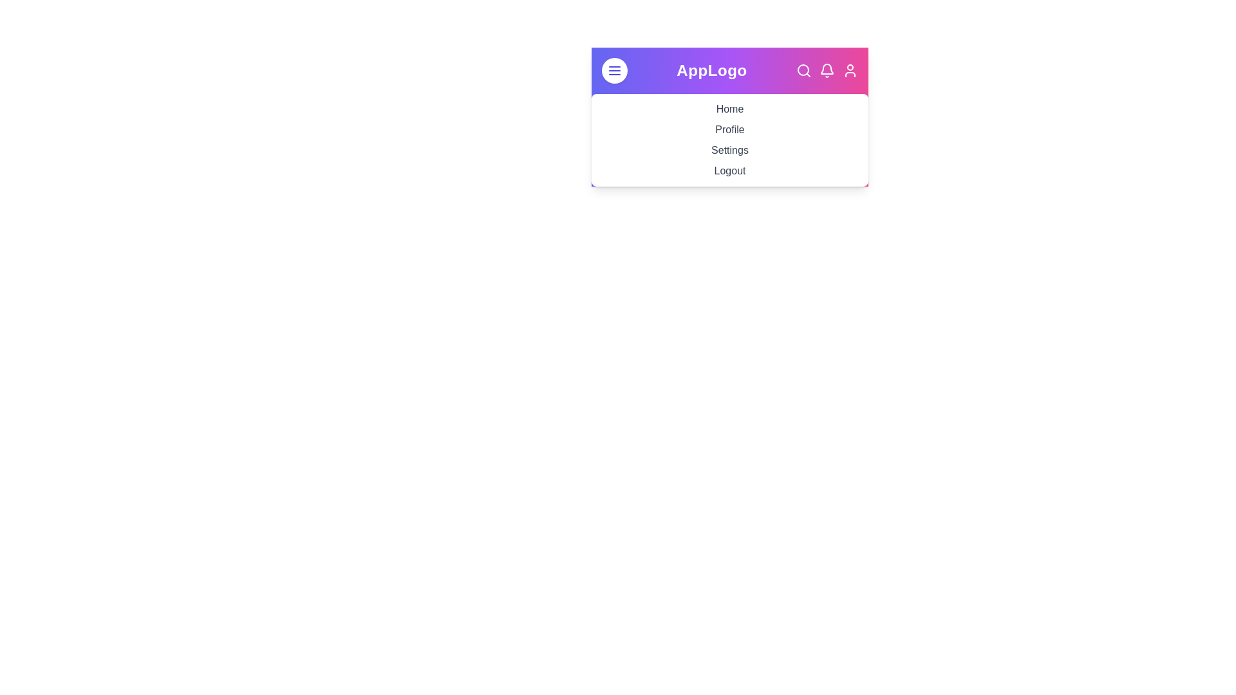 This screenshot has height=695, width=1236. I want to click on the menu item Home in the expanded menu, so click(729, 108).